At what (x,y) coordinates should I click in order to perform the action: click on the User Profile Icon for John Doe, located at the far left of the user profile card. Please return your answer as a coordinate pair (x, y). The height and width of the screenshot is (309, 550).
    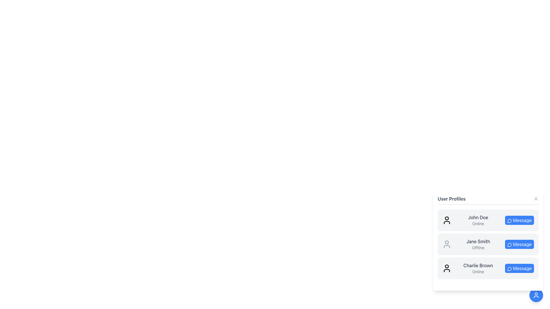
    Looking at the image, I should click on (447, 220).